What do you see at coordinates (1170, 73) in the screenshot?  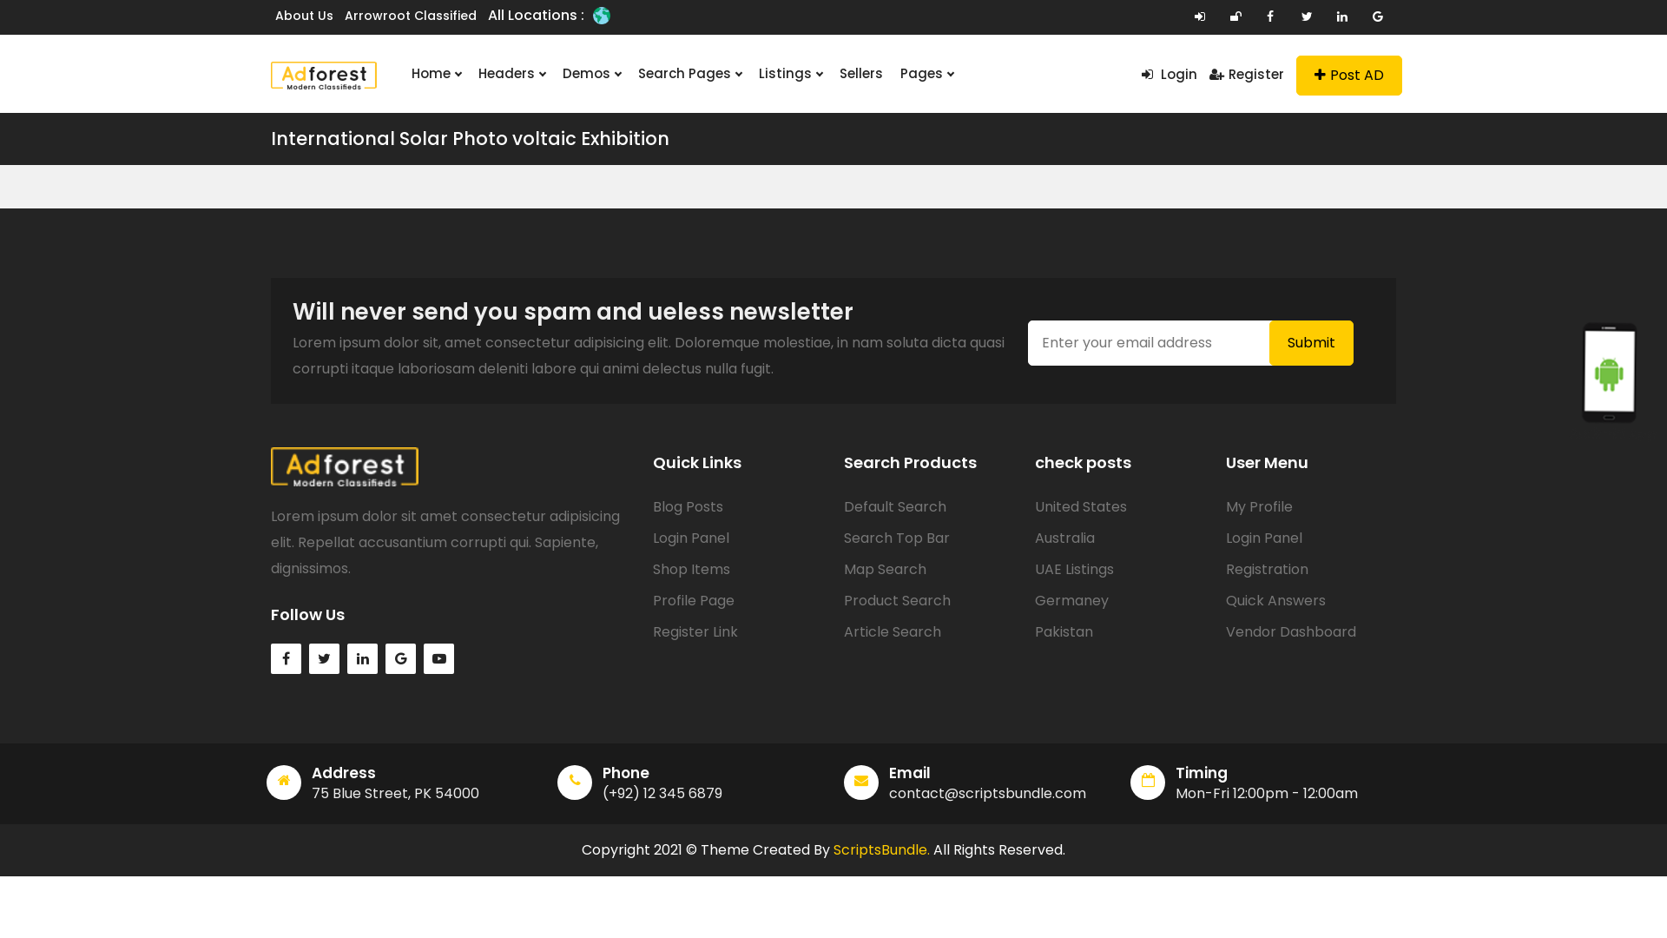 I see `'Login'` at bounding box center [1170, 73].